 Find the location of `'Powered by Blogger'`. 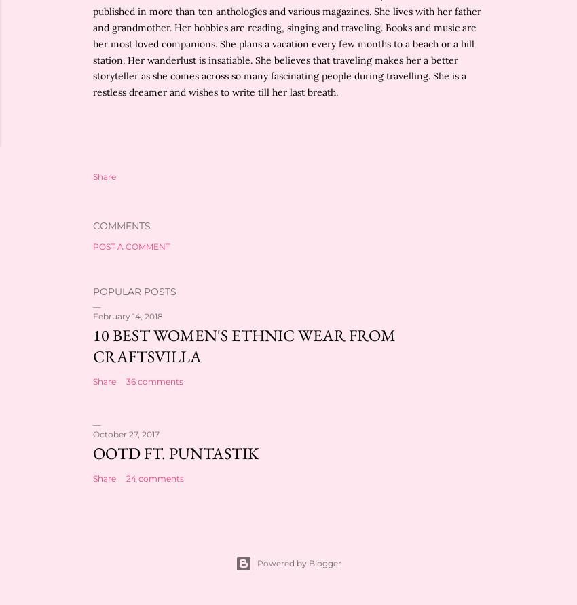

'Powered by Blogger' is located at coordinates (298, 562).